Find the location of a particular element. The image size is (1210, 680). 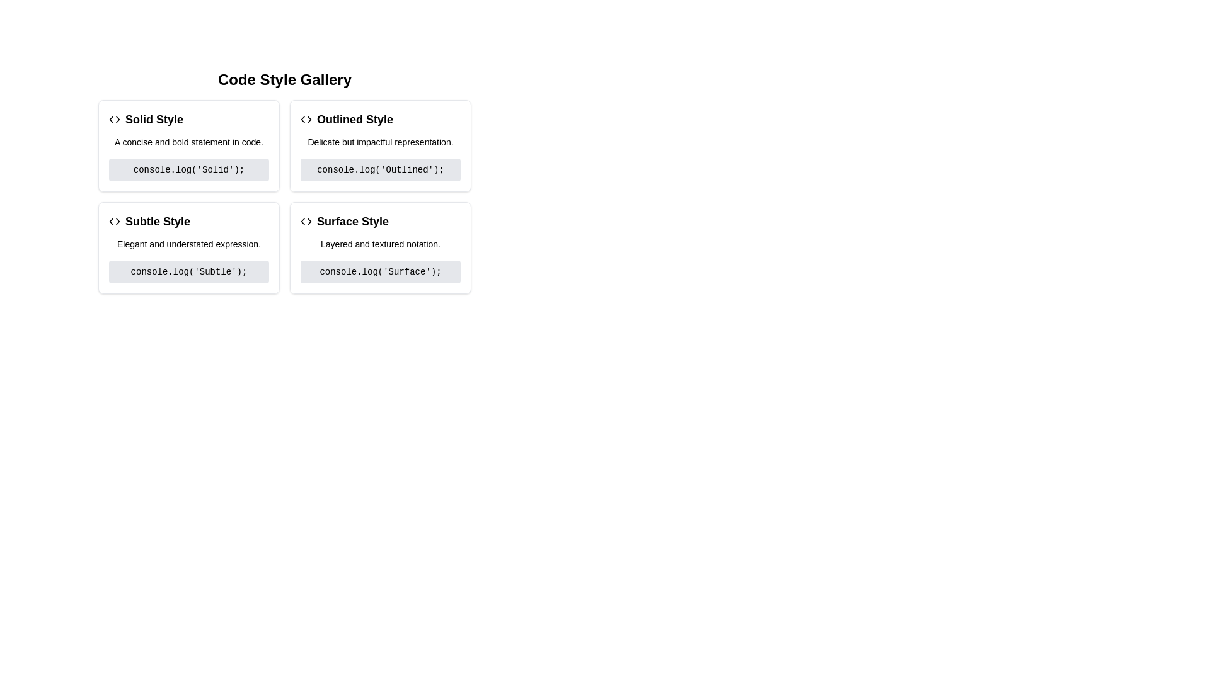

'Surface Style' text element, which is bold and larger, located in the bottom-right card of a 2x2 grid layout is located at coordinates (353, 220).